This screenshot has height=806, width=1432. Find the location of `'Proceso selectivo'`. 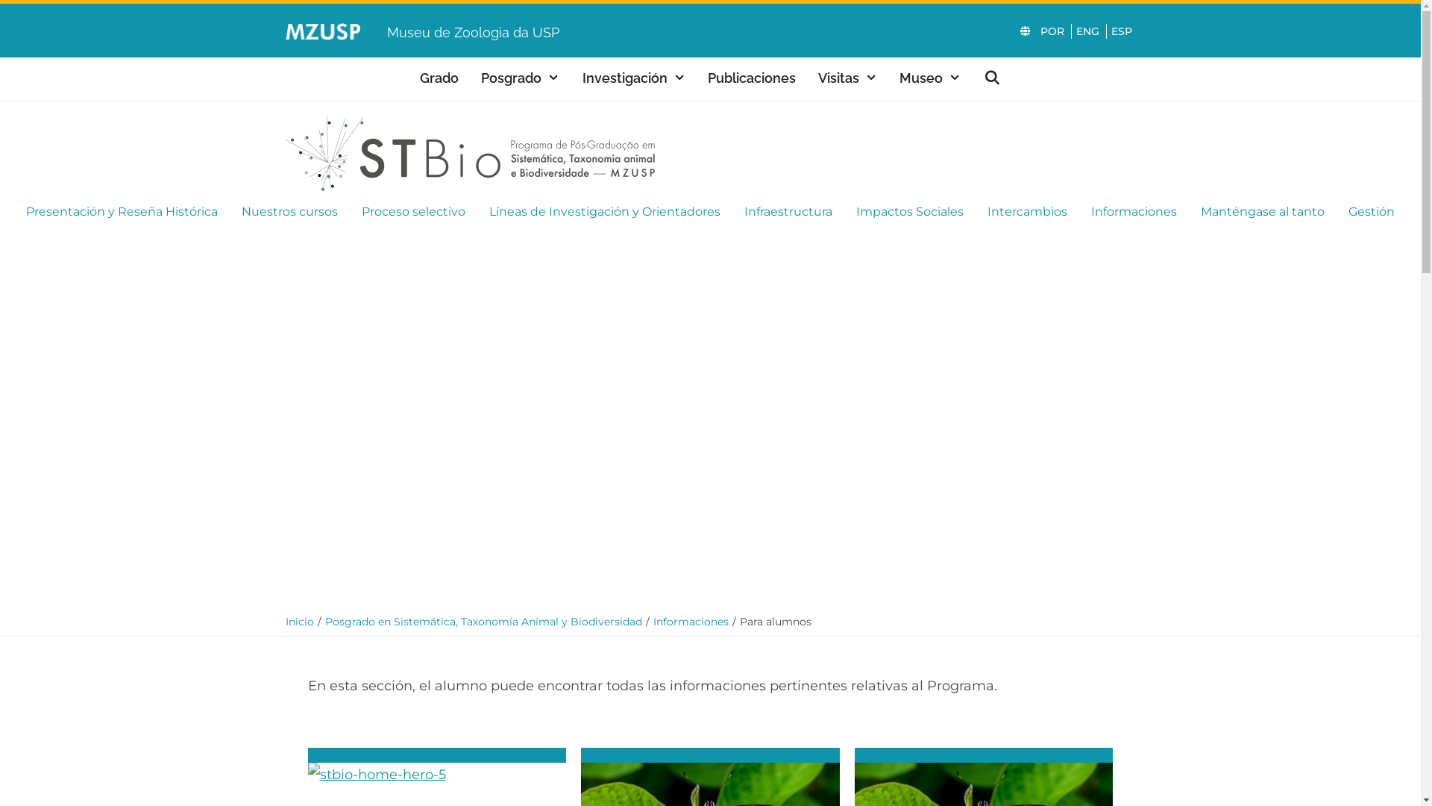

'Proceso selectivo' is located at coordinates (413, 212).